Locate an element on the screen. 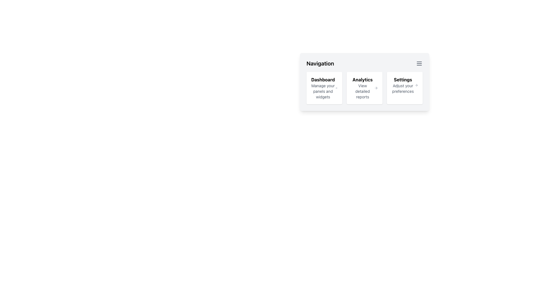 Image resolution: width=536 pixels, height=301 pixels. the 'Analytics' text label located in the middle card of the navigation panel, which is the second card from the left is located at coordinates (362, 88).